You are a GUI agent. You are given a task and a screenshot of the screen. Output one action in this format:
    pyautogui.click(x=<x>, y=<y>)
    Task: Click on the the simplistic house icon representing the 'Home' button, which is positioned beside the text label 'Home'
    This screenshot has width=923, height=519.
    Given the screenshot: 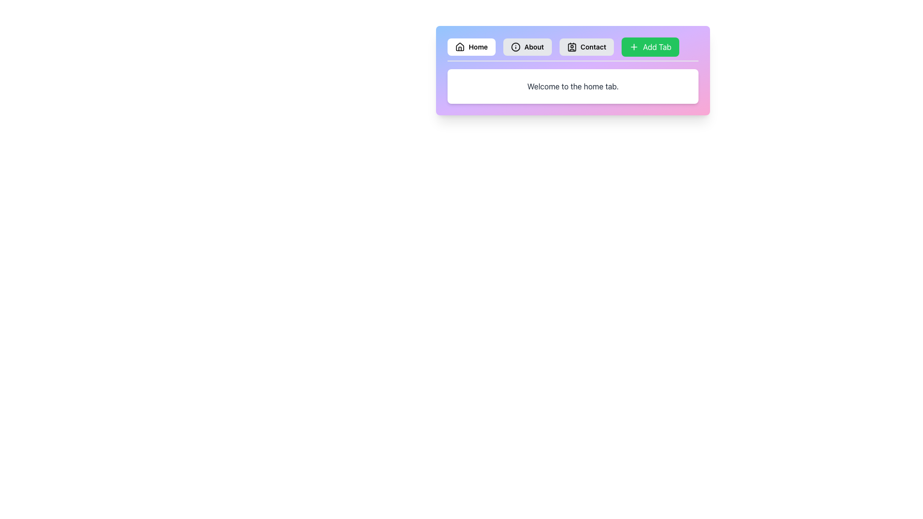 What is the action you would take?
    pyautogui.click(x=459, y=47)
    